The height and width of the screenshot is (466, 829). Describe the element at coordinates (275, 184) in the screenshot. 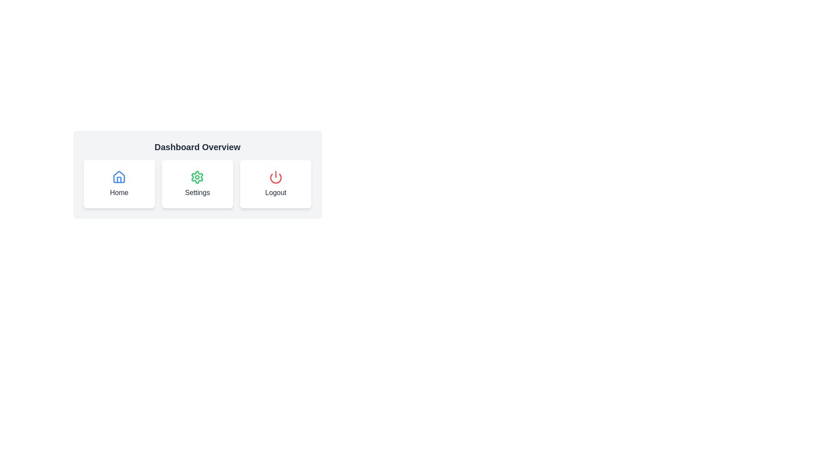

I see `the logout button, which is the third button in a horizontal group of three buttons` at that location.